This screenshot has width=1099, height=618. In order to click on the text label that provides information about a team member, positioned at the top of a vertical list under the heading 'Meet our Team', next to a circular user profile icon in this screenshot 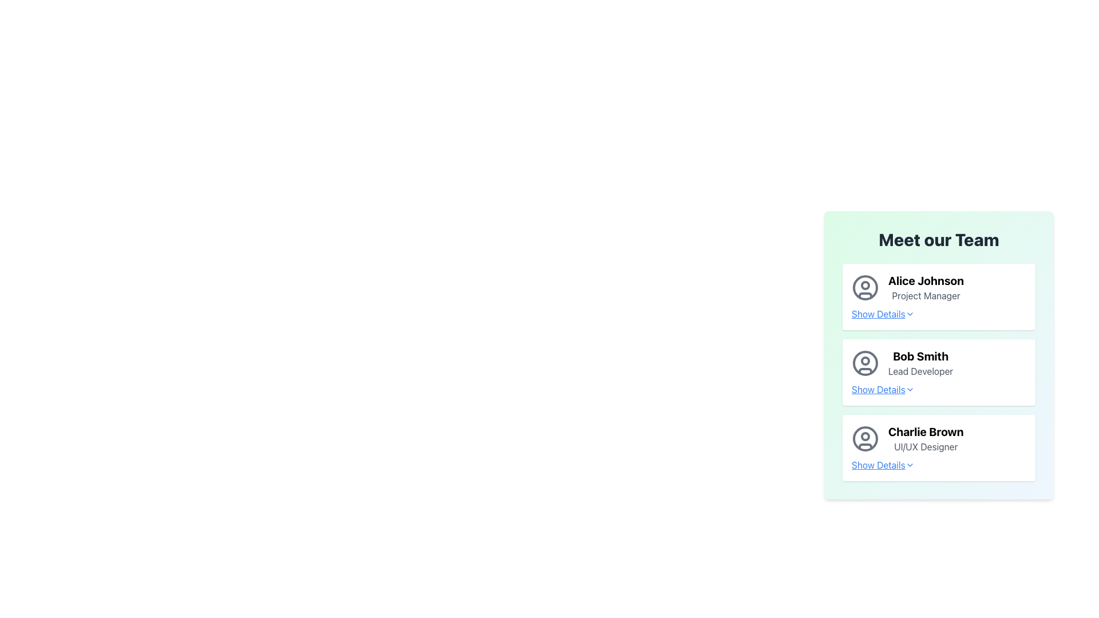, I will do `click(926, 287)`.